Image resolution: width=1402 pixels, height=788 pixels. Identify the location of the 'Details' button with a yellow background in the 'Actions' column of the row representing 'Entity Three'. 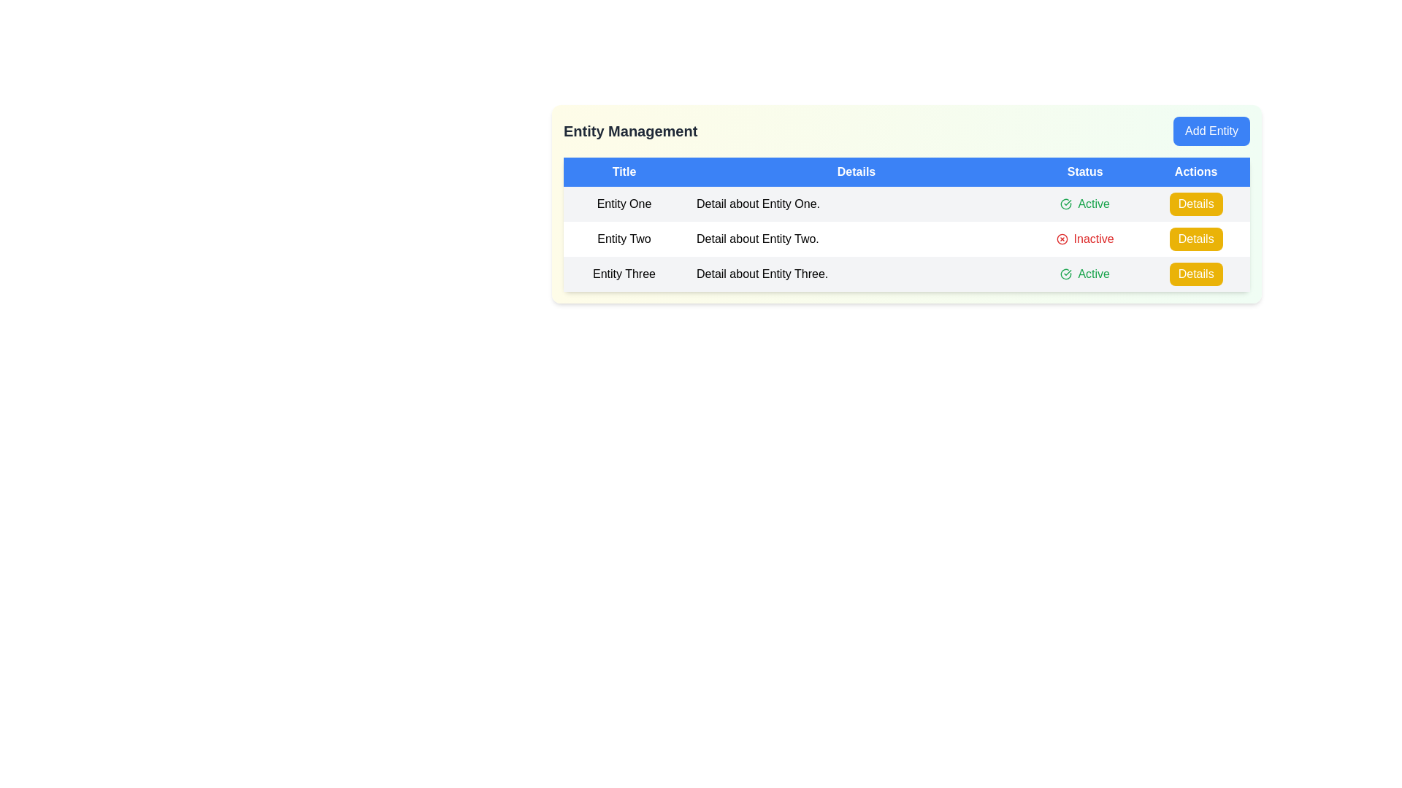
(1195, 274).